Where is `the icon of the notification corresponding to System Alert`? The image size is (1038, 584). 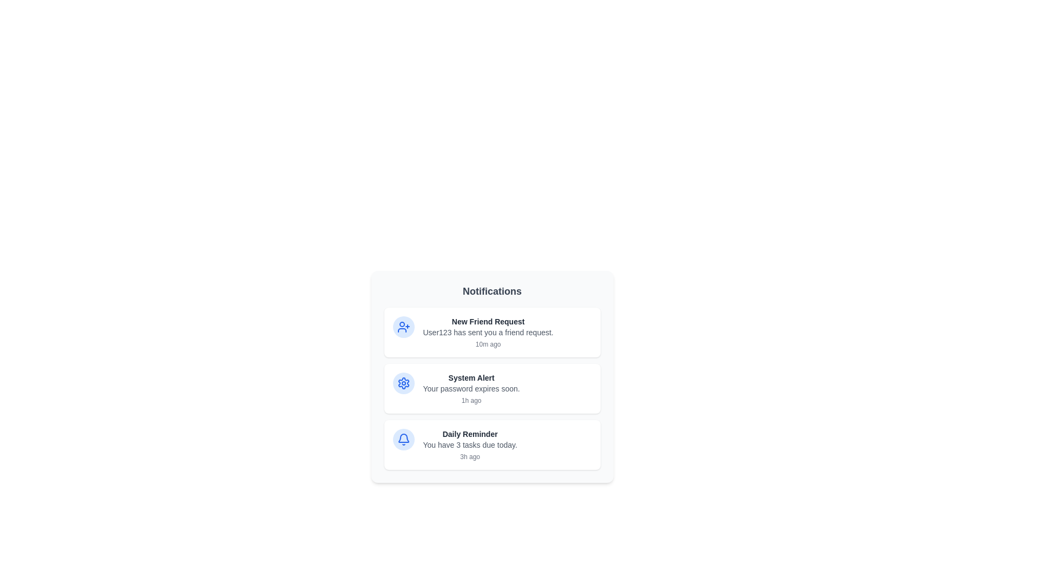 the icon of the notification corresponding to System Alert is located at coordinates (403, 383).